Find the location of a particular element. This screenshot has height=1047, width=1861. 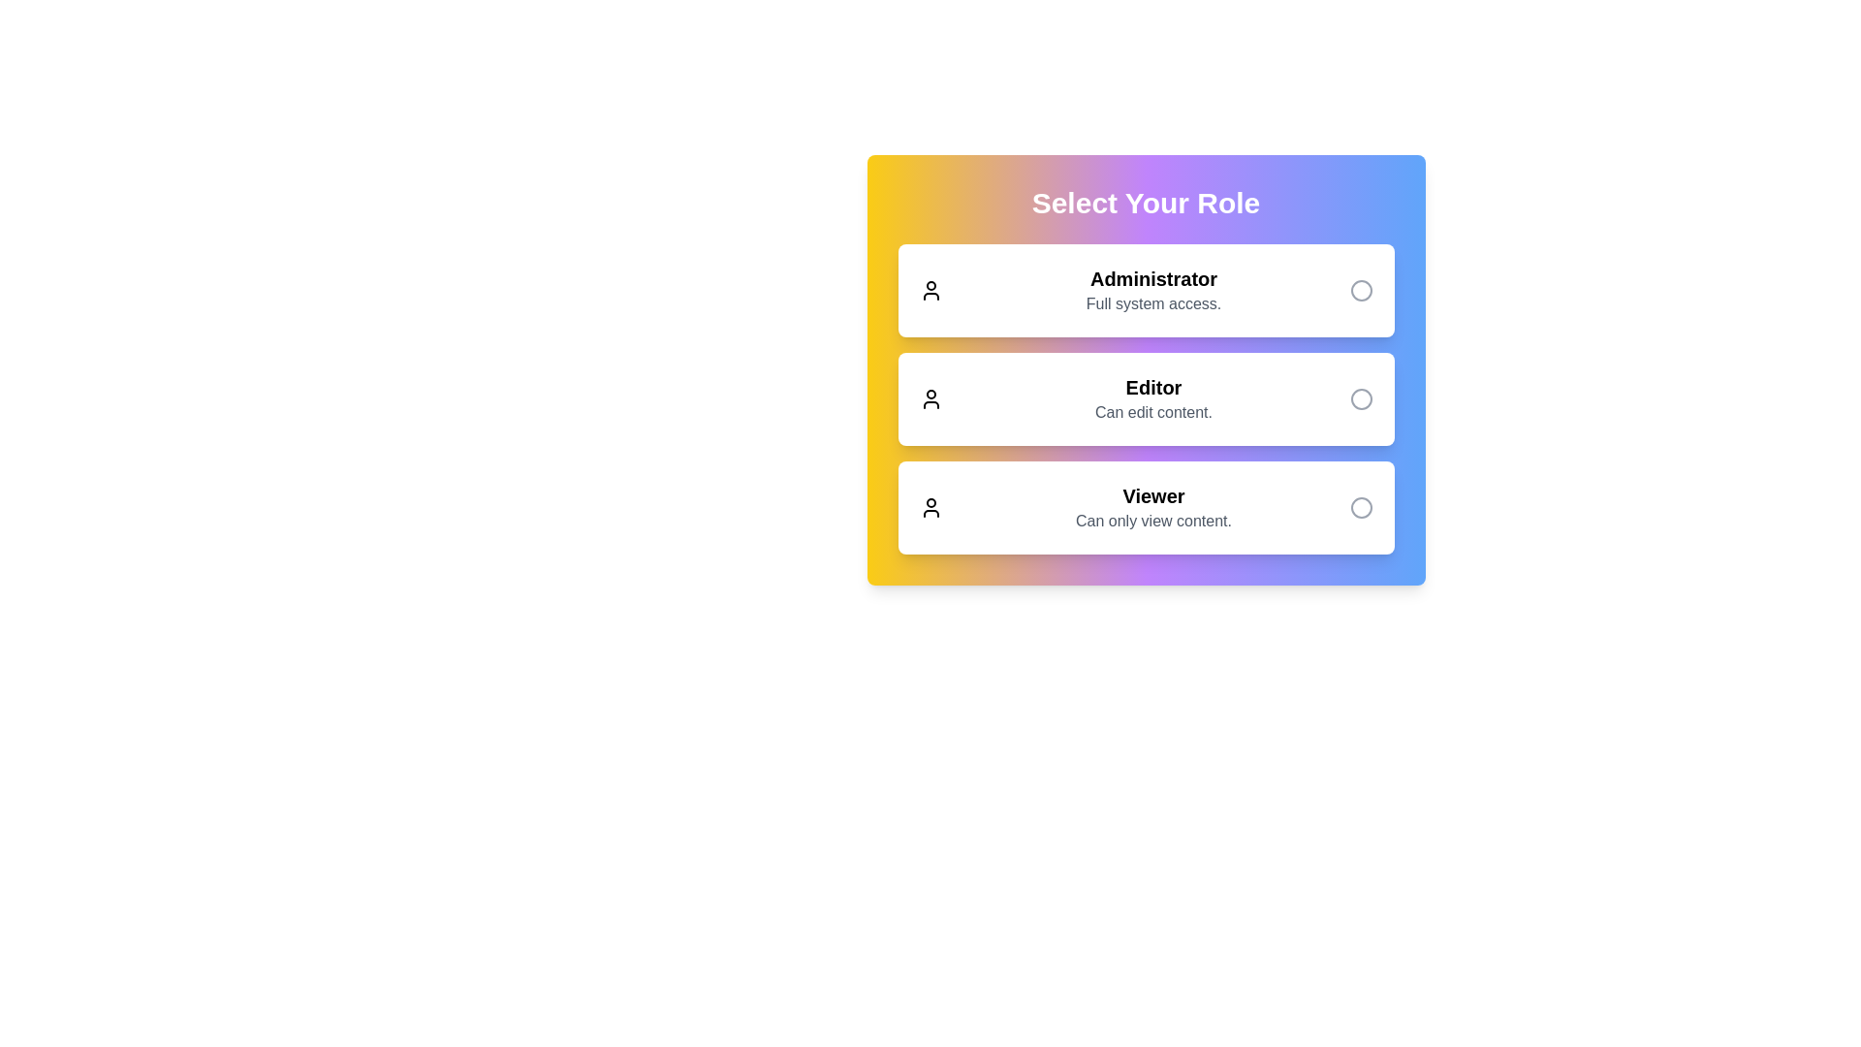

the unselected Radio button located within the 'Viewer' option box, which is the third option in a vertical list of three options labeled 'Administrator,' 'Editor,' and 'Viewer.' is located at coordinates (1360, 507).